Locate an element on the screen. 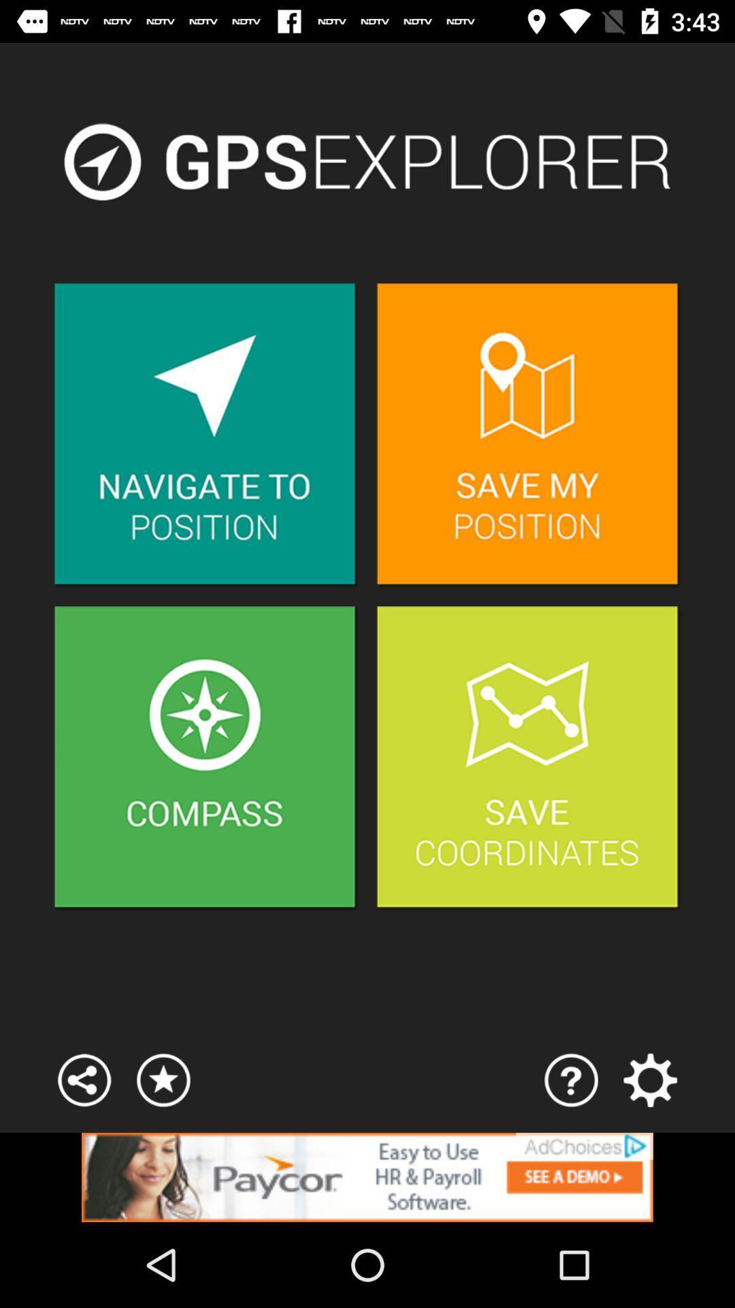 The image size is (735, 1308). button image is located at coordinates (527, 758).